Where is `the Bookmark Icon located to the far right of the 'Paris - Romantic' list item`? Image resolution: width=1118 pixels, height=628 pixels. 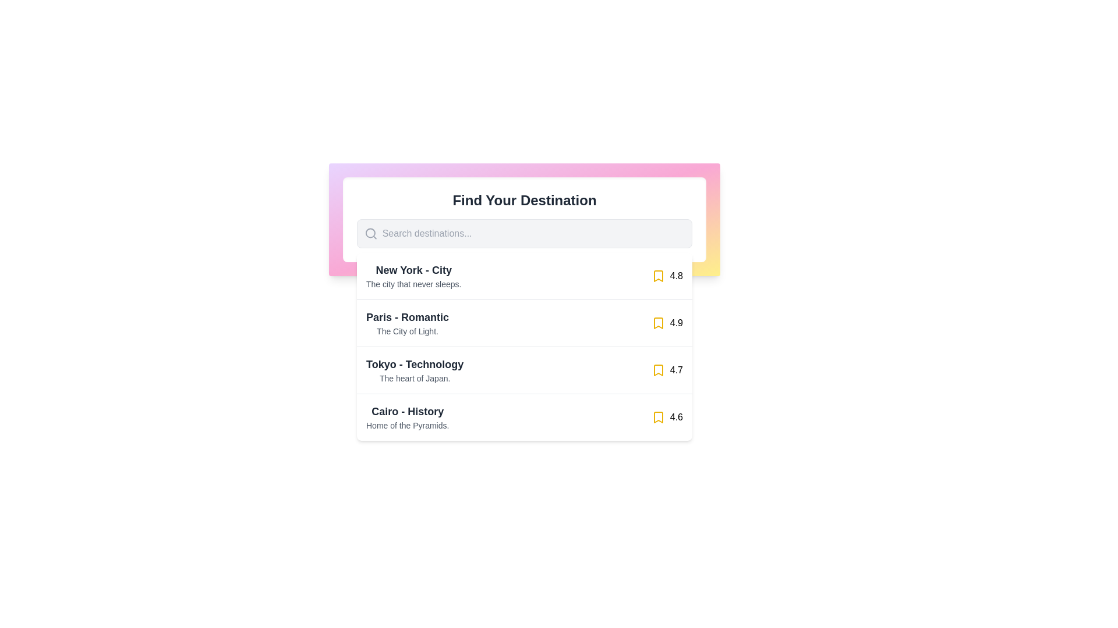 the Bookmark Icon located to the far right of the 'Paris - Romantic' list item is located at coordinates (658, 323).